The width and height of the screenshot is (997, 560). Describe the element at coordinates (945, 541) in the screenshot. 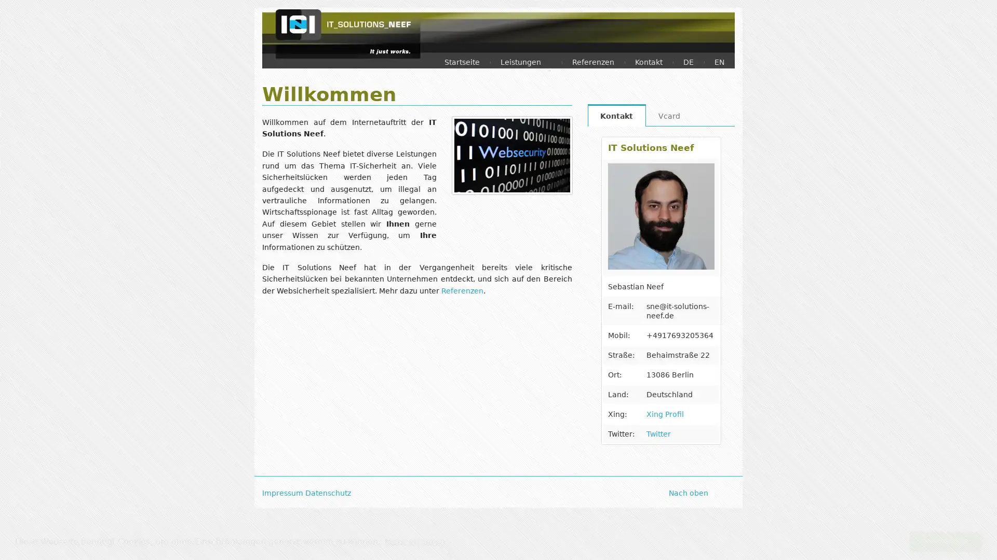

I see `dismiss cookie message` at that location.